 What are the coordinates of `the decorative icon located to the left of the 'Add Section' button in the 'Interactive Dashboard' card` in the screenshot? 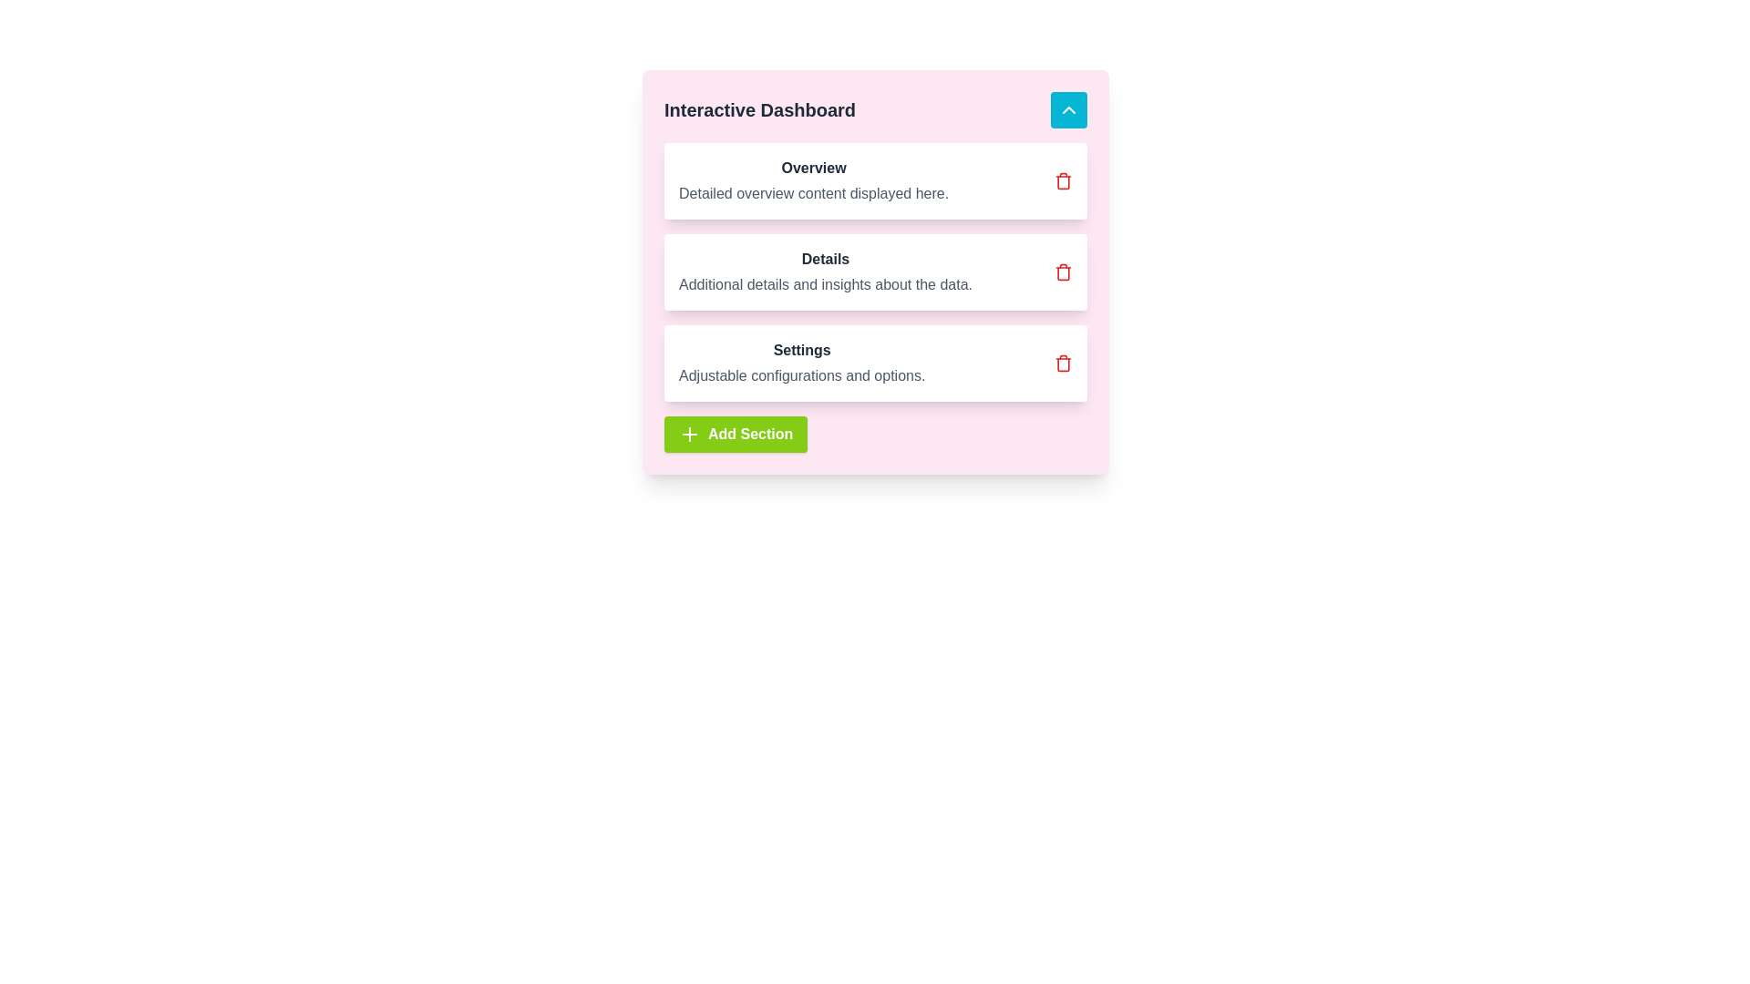 It's located at (689, 435).